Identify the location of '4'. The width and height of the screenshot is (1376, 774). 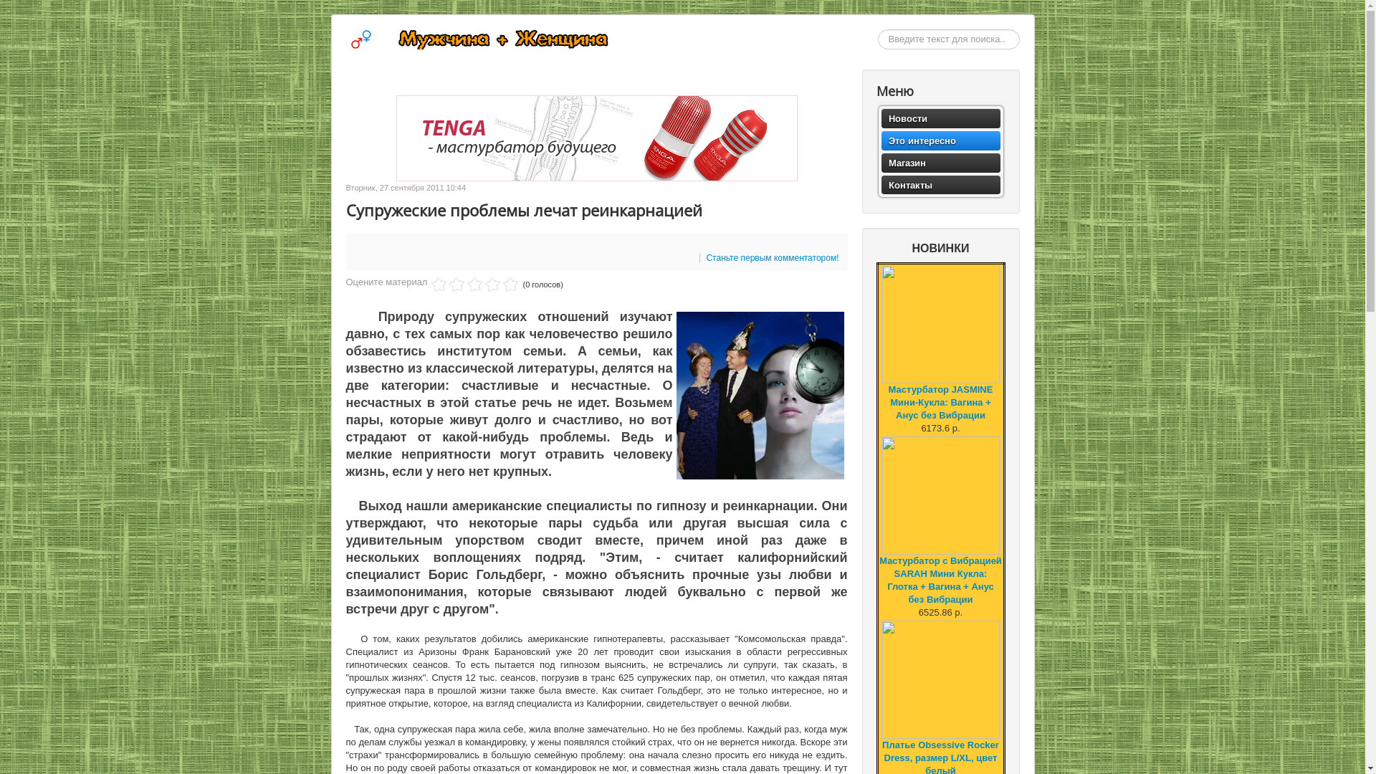
(465, 285).